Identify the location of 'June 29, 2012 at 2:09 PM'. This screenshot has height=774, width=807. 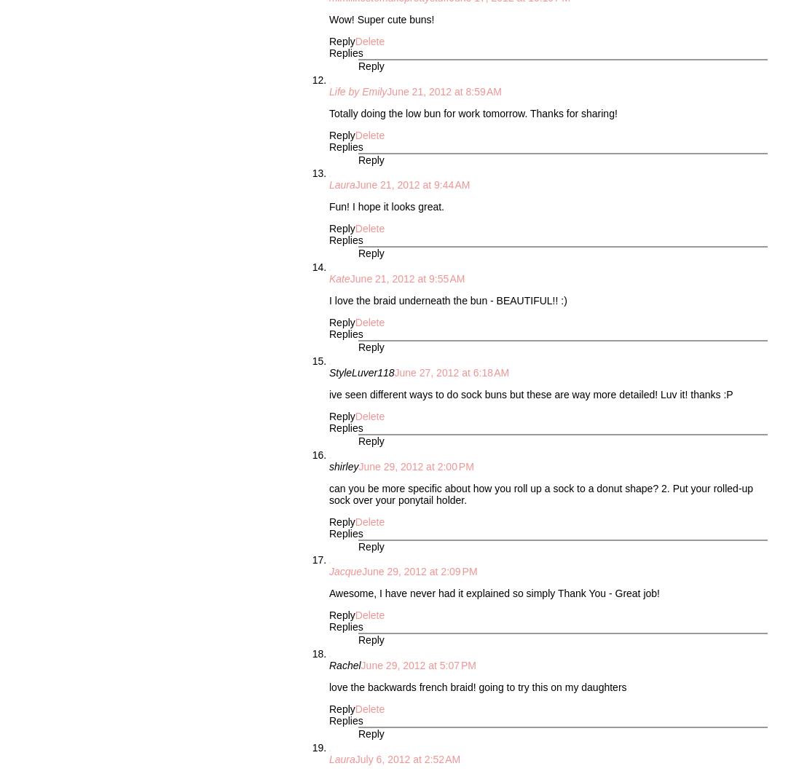
(420, 571).